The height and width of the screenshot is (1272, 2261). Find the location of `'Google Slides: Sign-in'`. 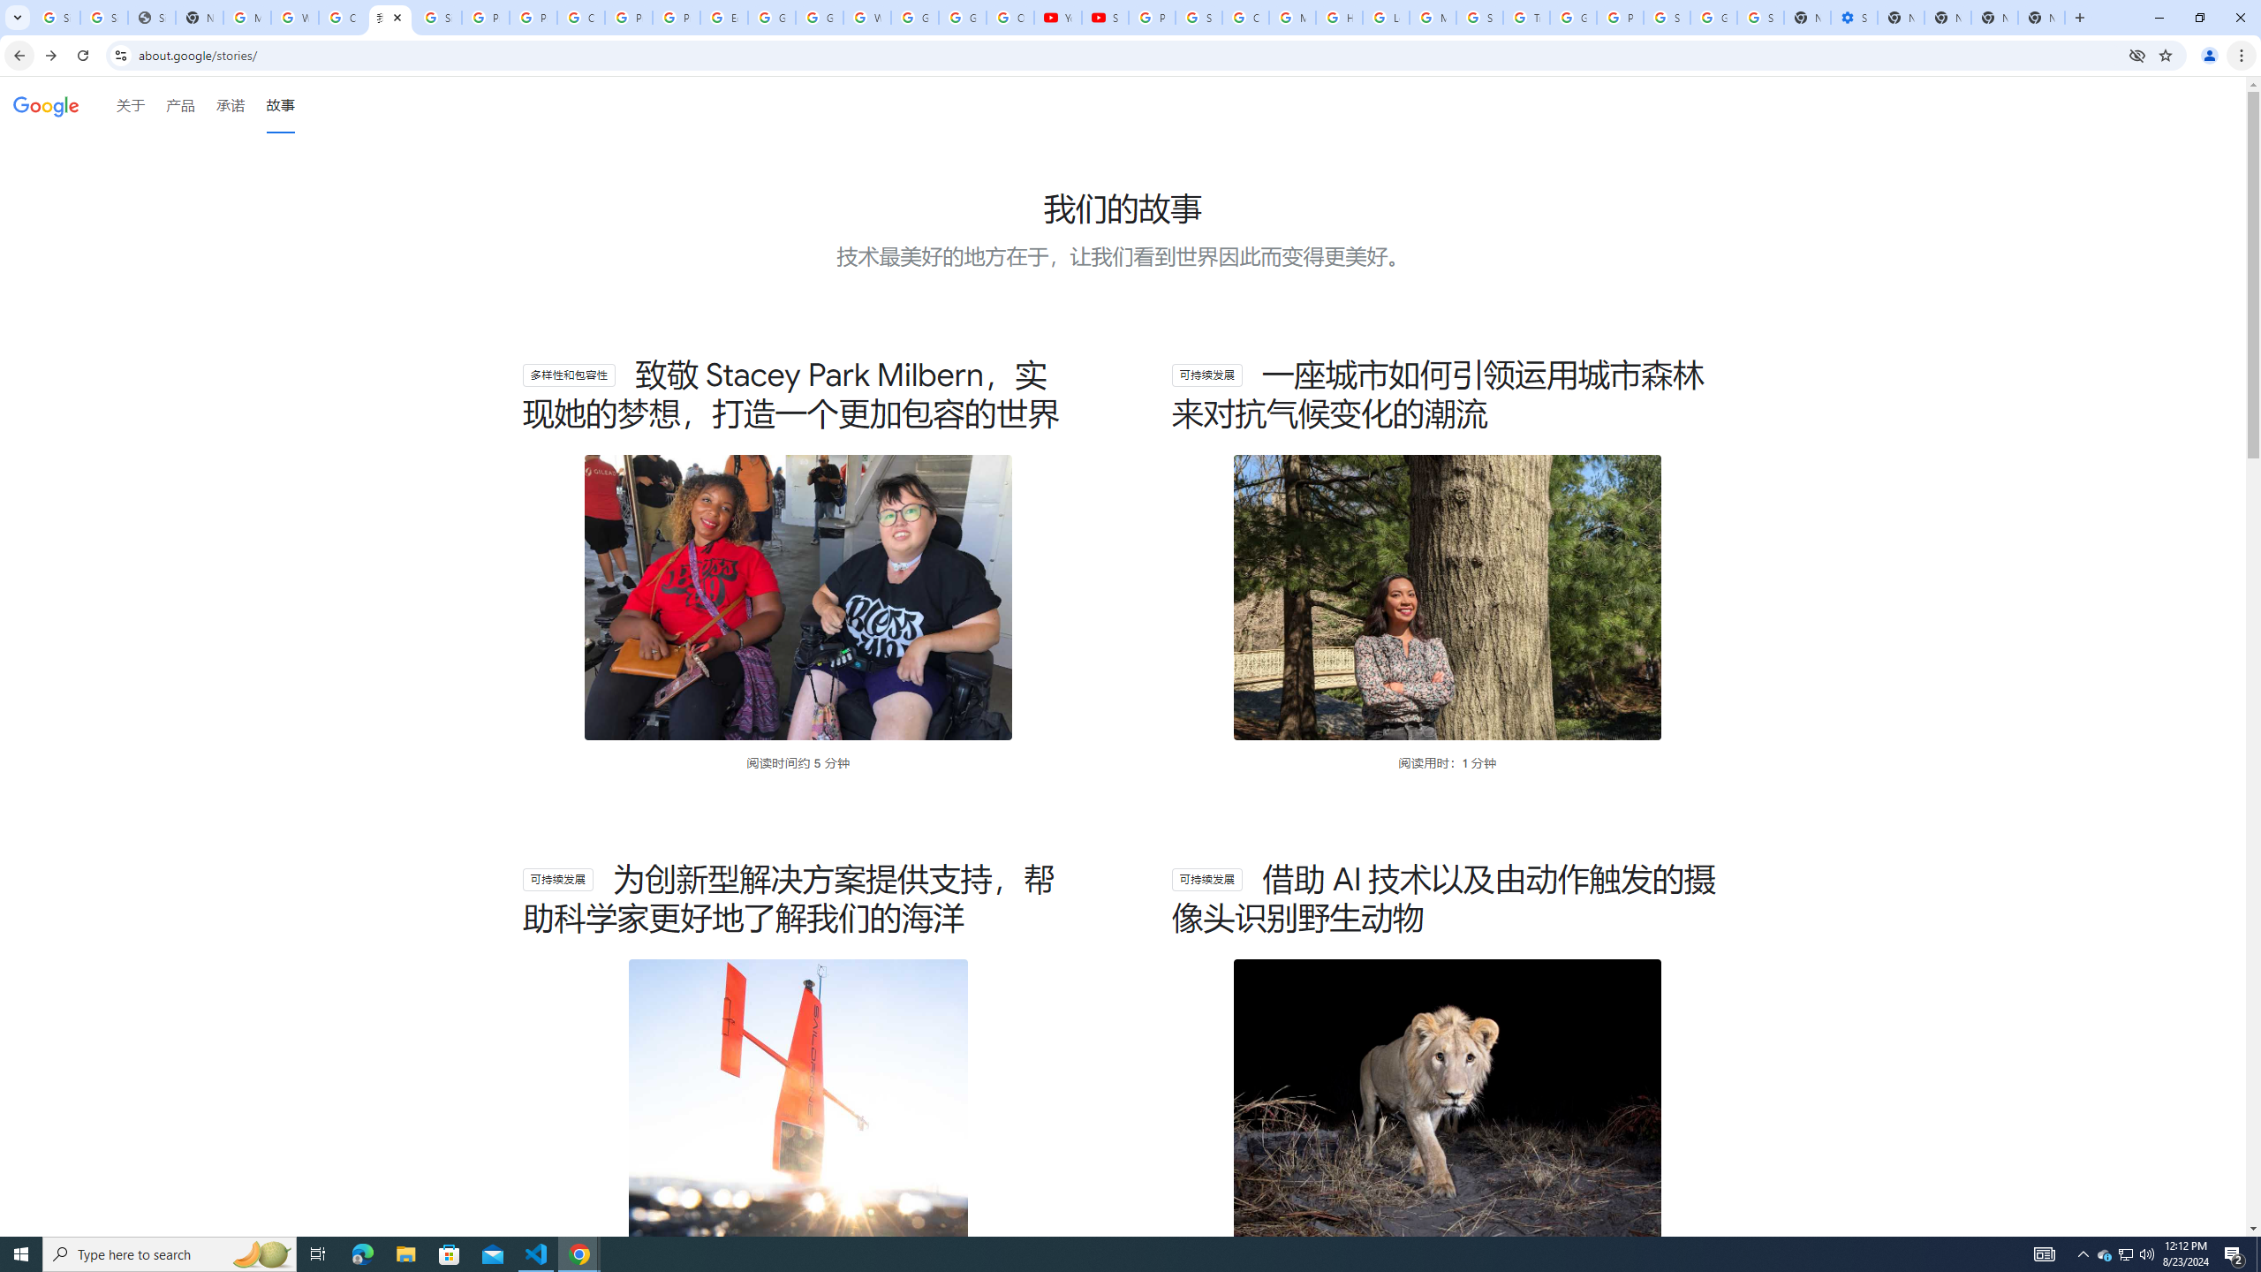

'Google Slides: Sign-in' is located at coordinates (770, 17).